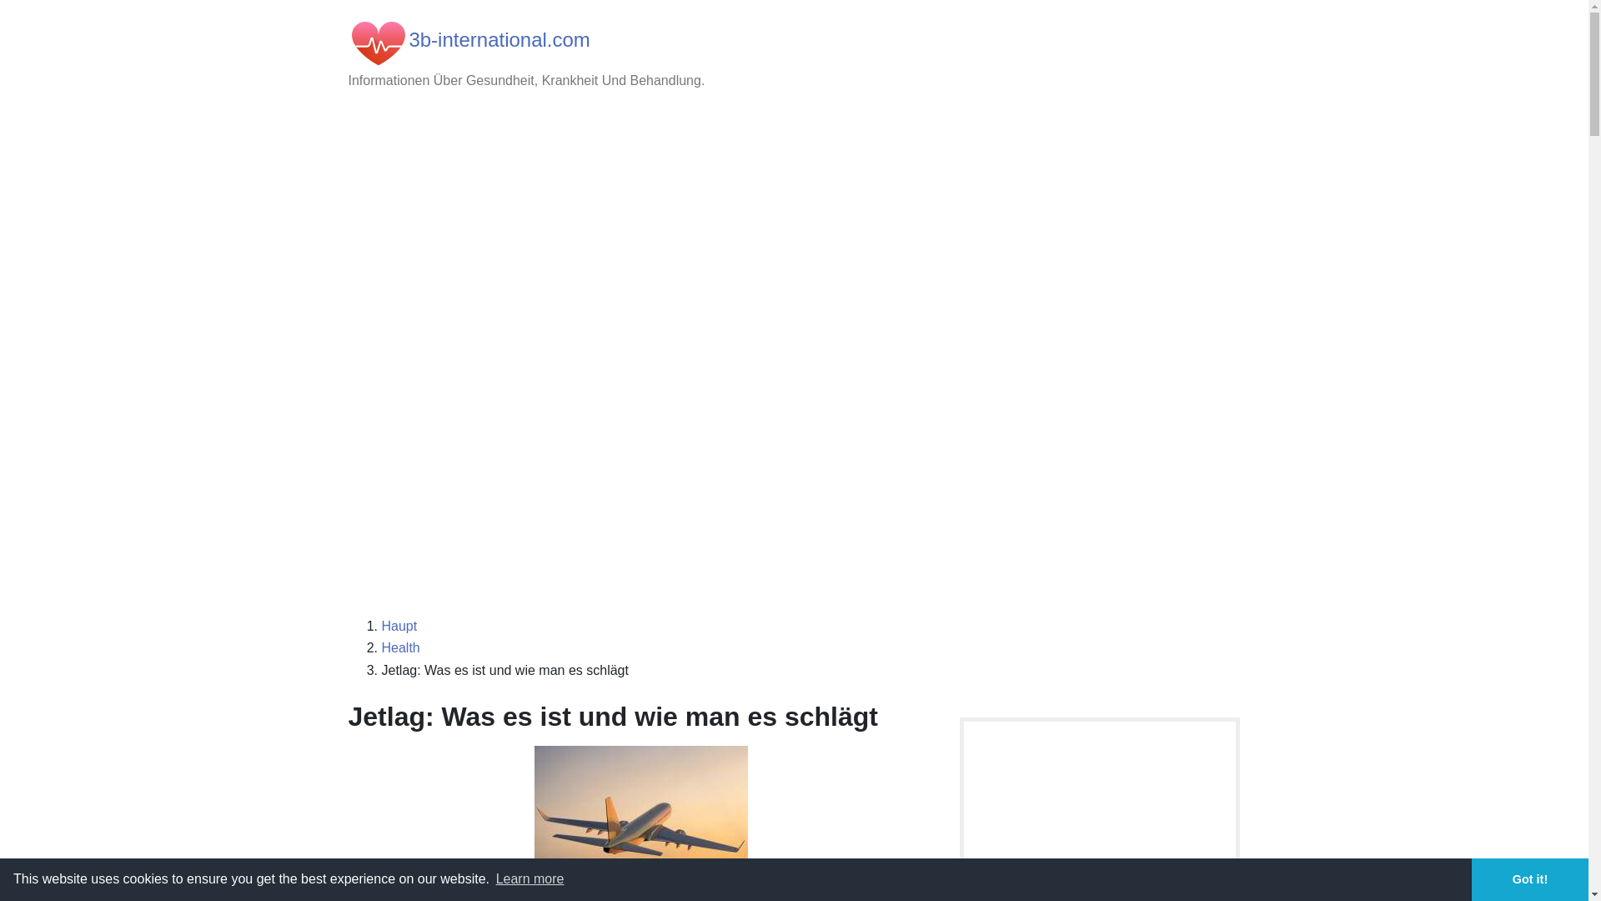 The width and height of the screenshot is (1601, 901). I want to click on '3b-international.com', so click(498, 38).